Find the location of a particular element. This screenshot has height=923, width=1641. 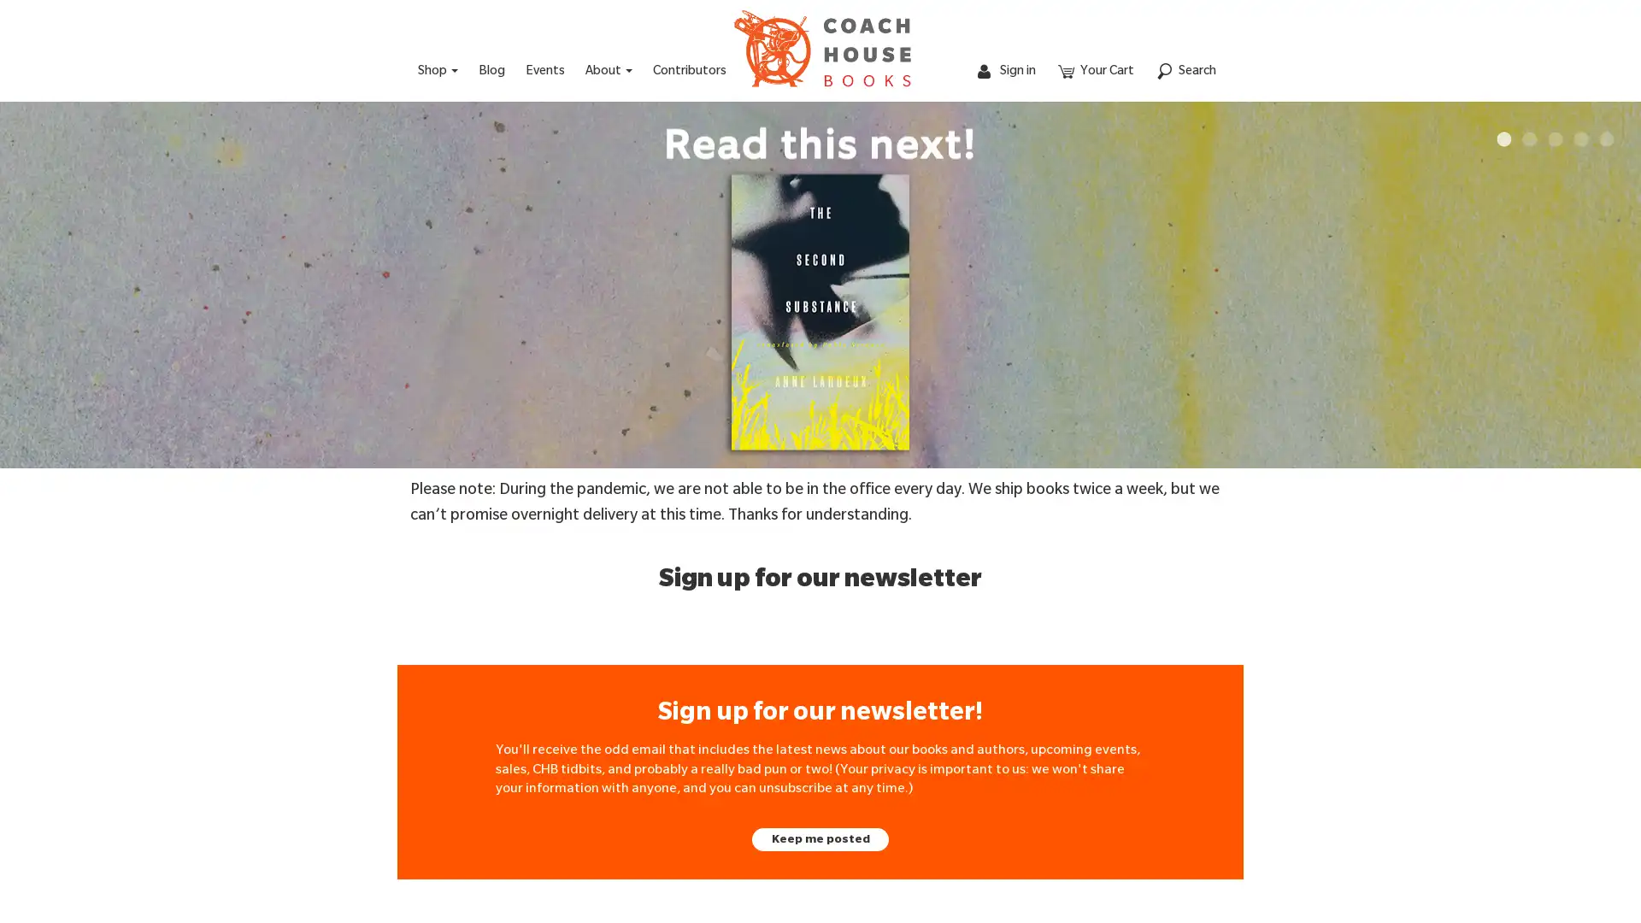

2 is located at coordinates (1530, 139).